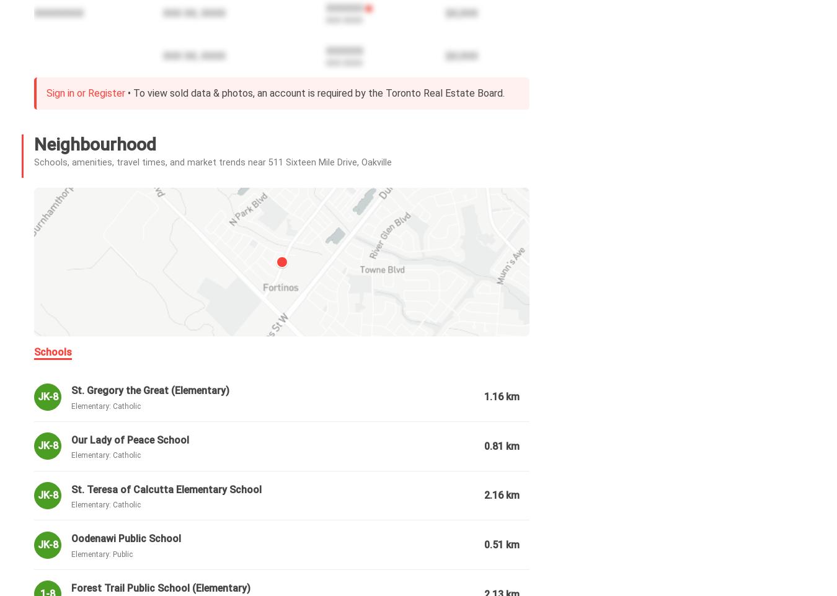  What do you see at coordinates (117, 547) in the screenshot?
I see `'Y'` at bounding box center [117, 547].